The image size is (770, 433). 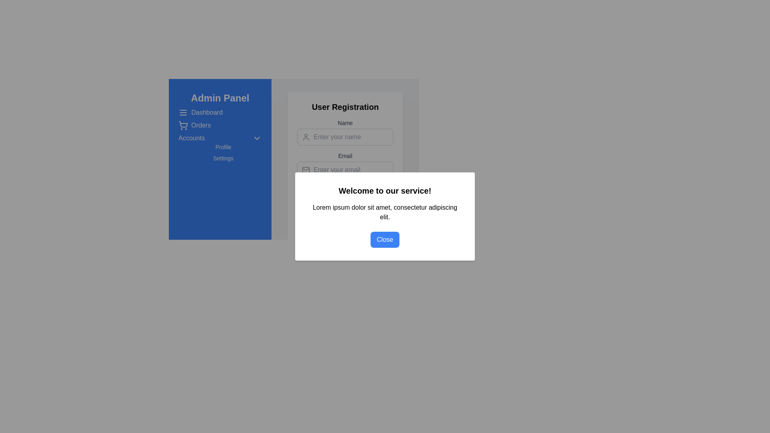 What do you see at coordinates (345, 137) in the screenshot?
I see `the text input field with placeholder text 'Enter your name' to focus on it` at bounding box center [345, 137].